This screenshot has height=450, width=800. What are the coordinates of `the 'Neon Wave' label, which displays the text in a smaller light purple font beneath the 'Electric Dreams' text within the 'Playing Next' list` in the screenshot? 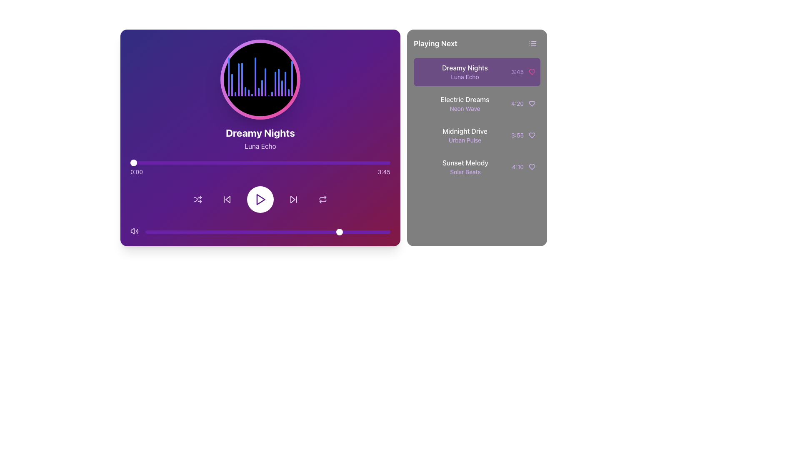 It's located at (465, 108).